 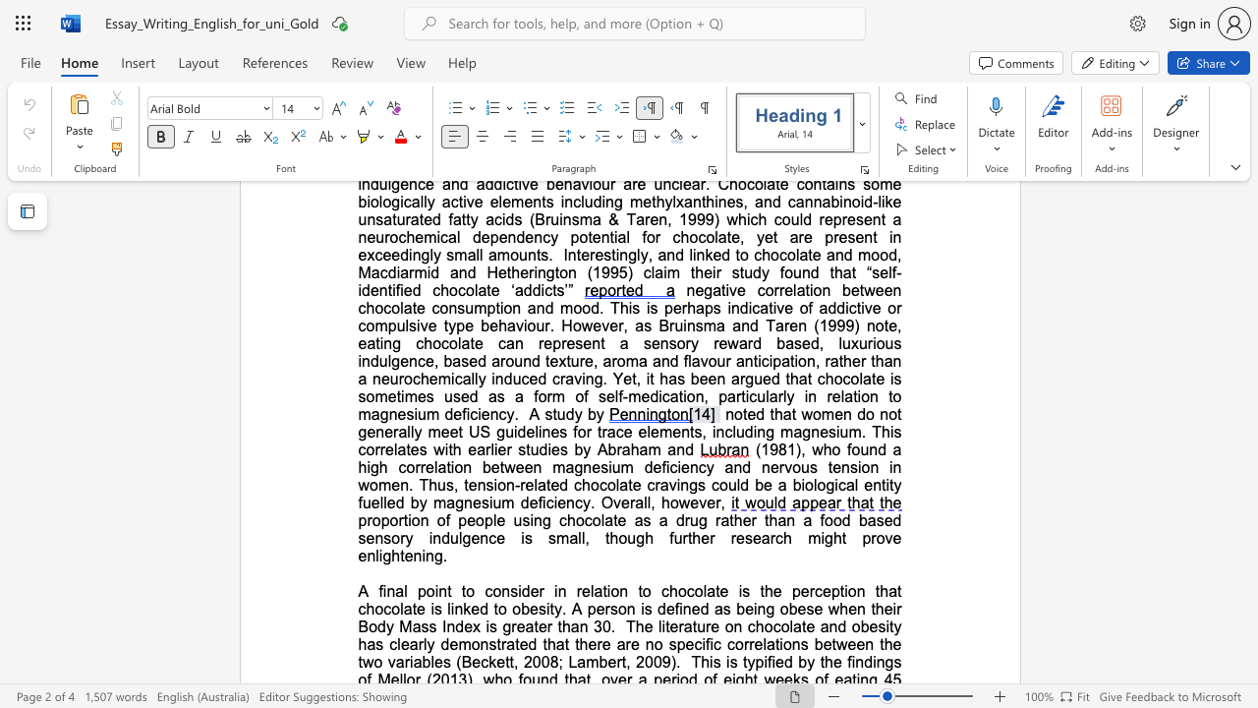 I want to click on the subset text "rated" within the text "demonstrated", so click(x=500, y=644).